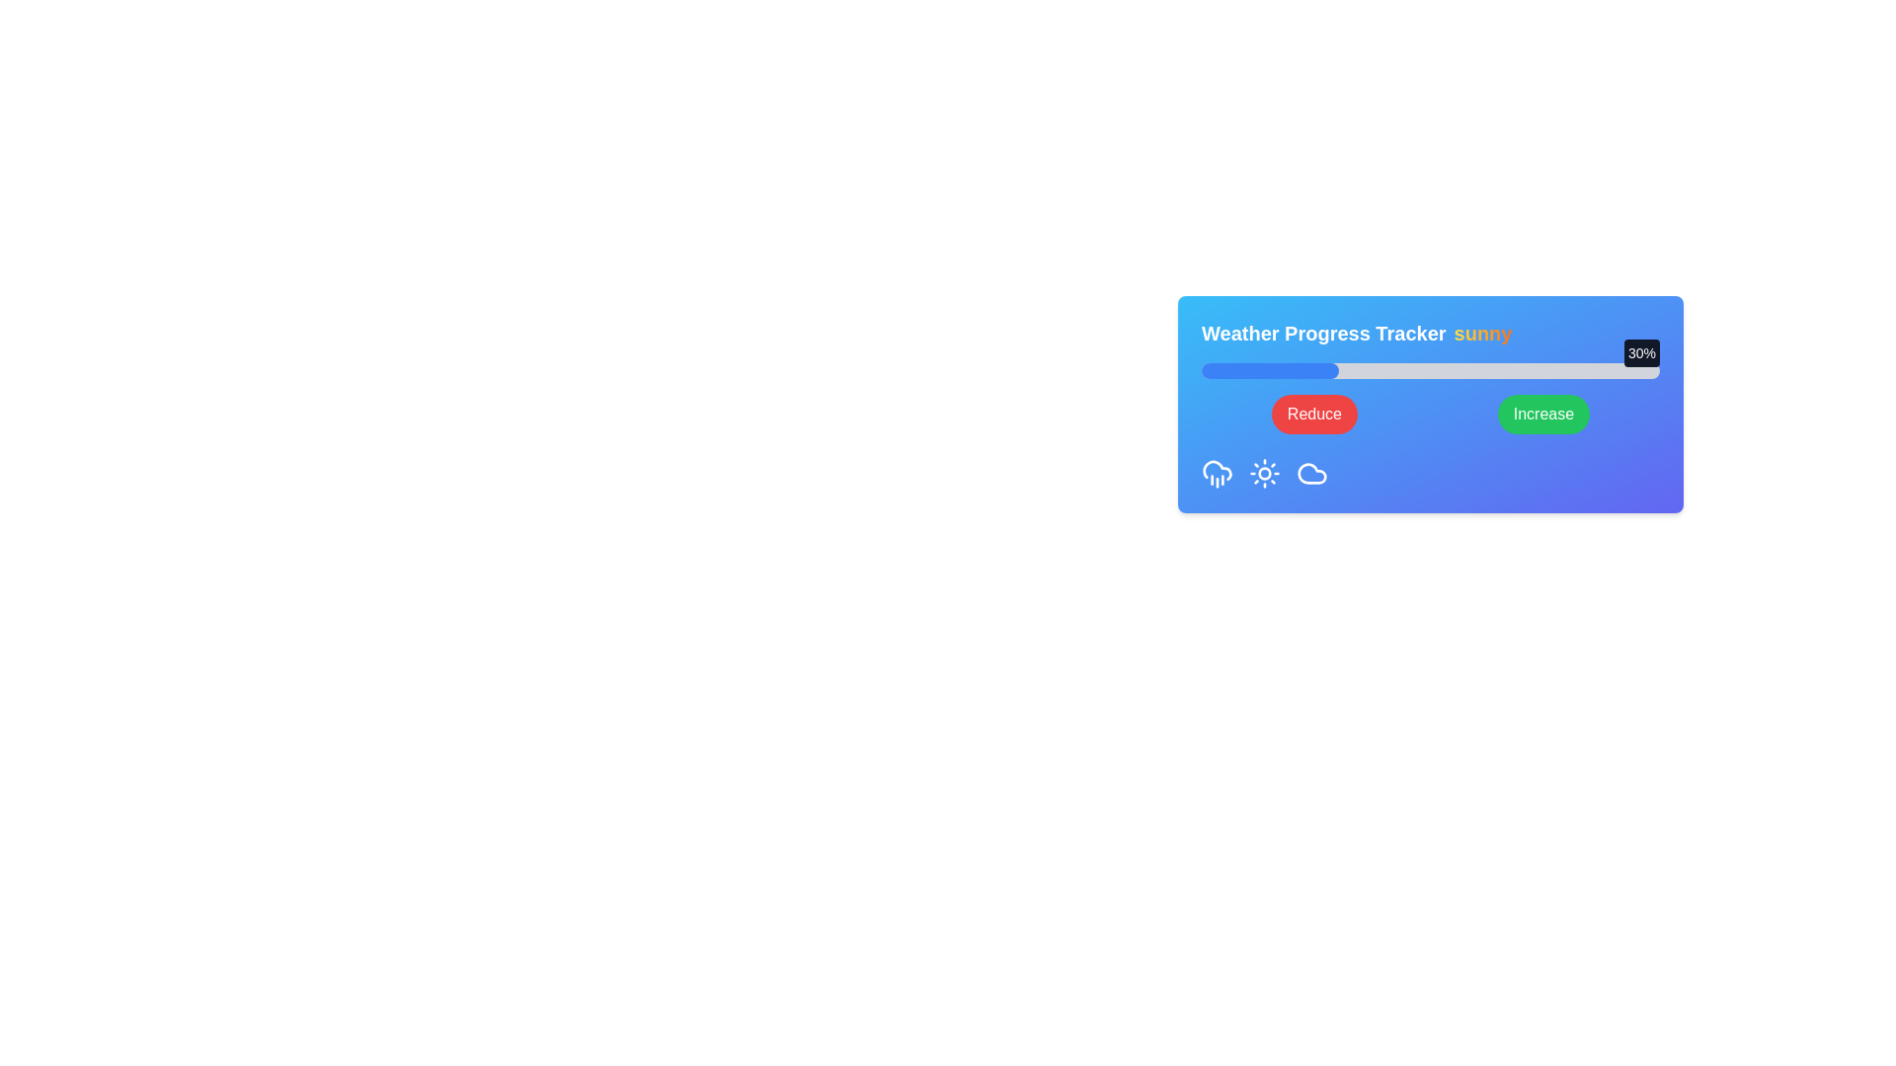  What do you see at coordinates (1542, 414) in the screenshot?
I see `the 'Increase' button located to the right of the 'Reduce' button` at bounding box center [1542, 414].